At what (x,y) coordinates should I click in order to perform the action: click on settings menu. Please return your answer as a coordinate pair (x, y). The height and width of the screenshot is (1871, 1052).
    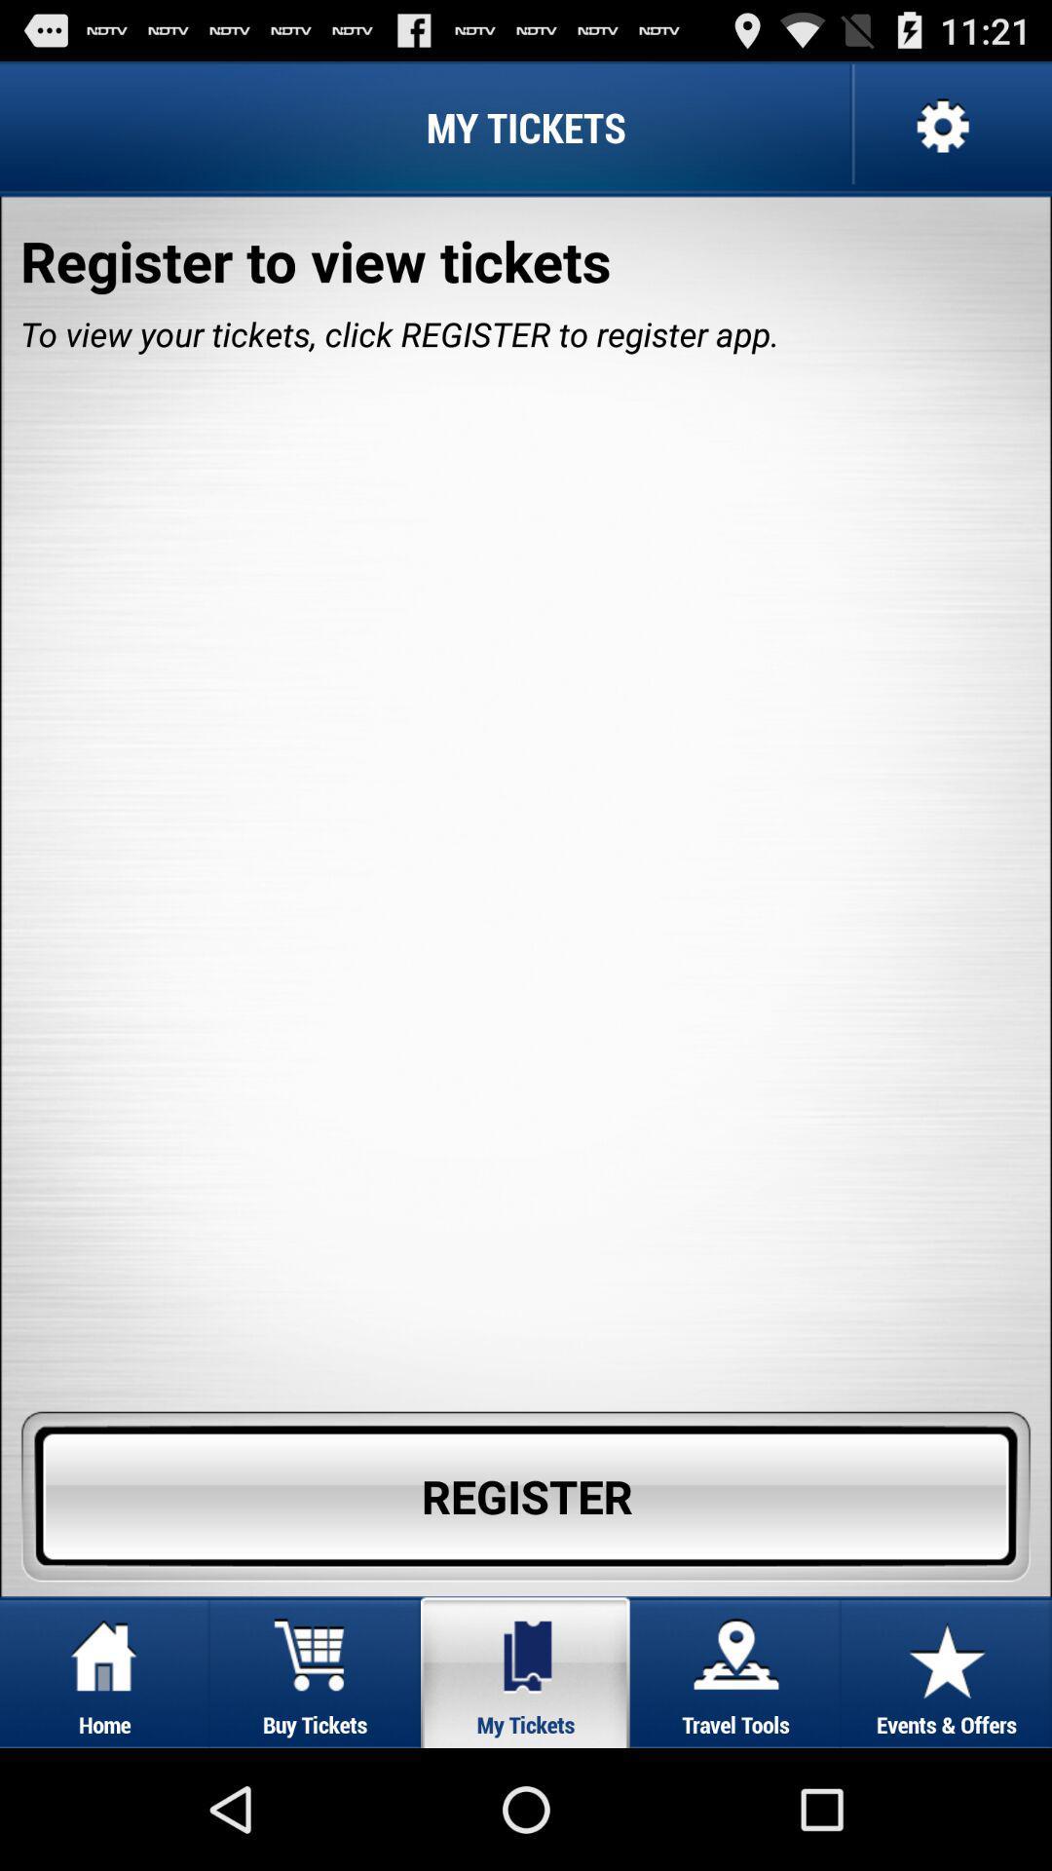
    Looking at the image, I should click on (939, 126).